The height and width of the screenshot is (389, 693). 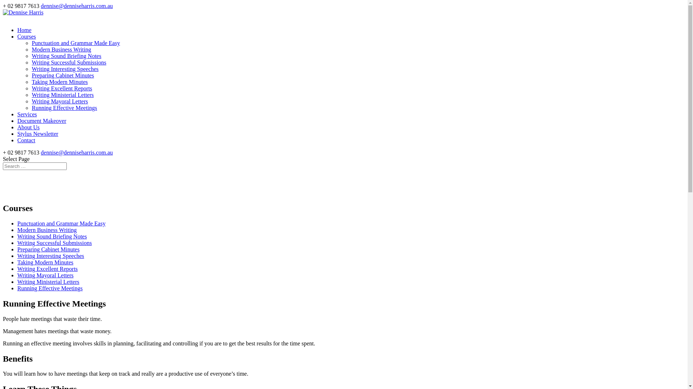 I want to click on 'Writing Interesting Speeches', so click(x=17, y=255).